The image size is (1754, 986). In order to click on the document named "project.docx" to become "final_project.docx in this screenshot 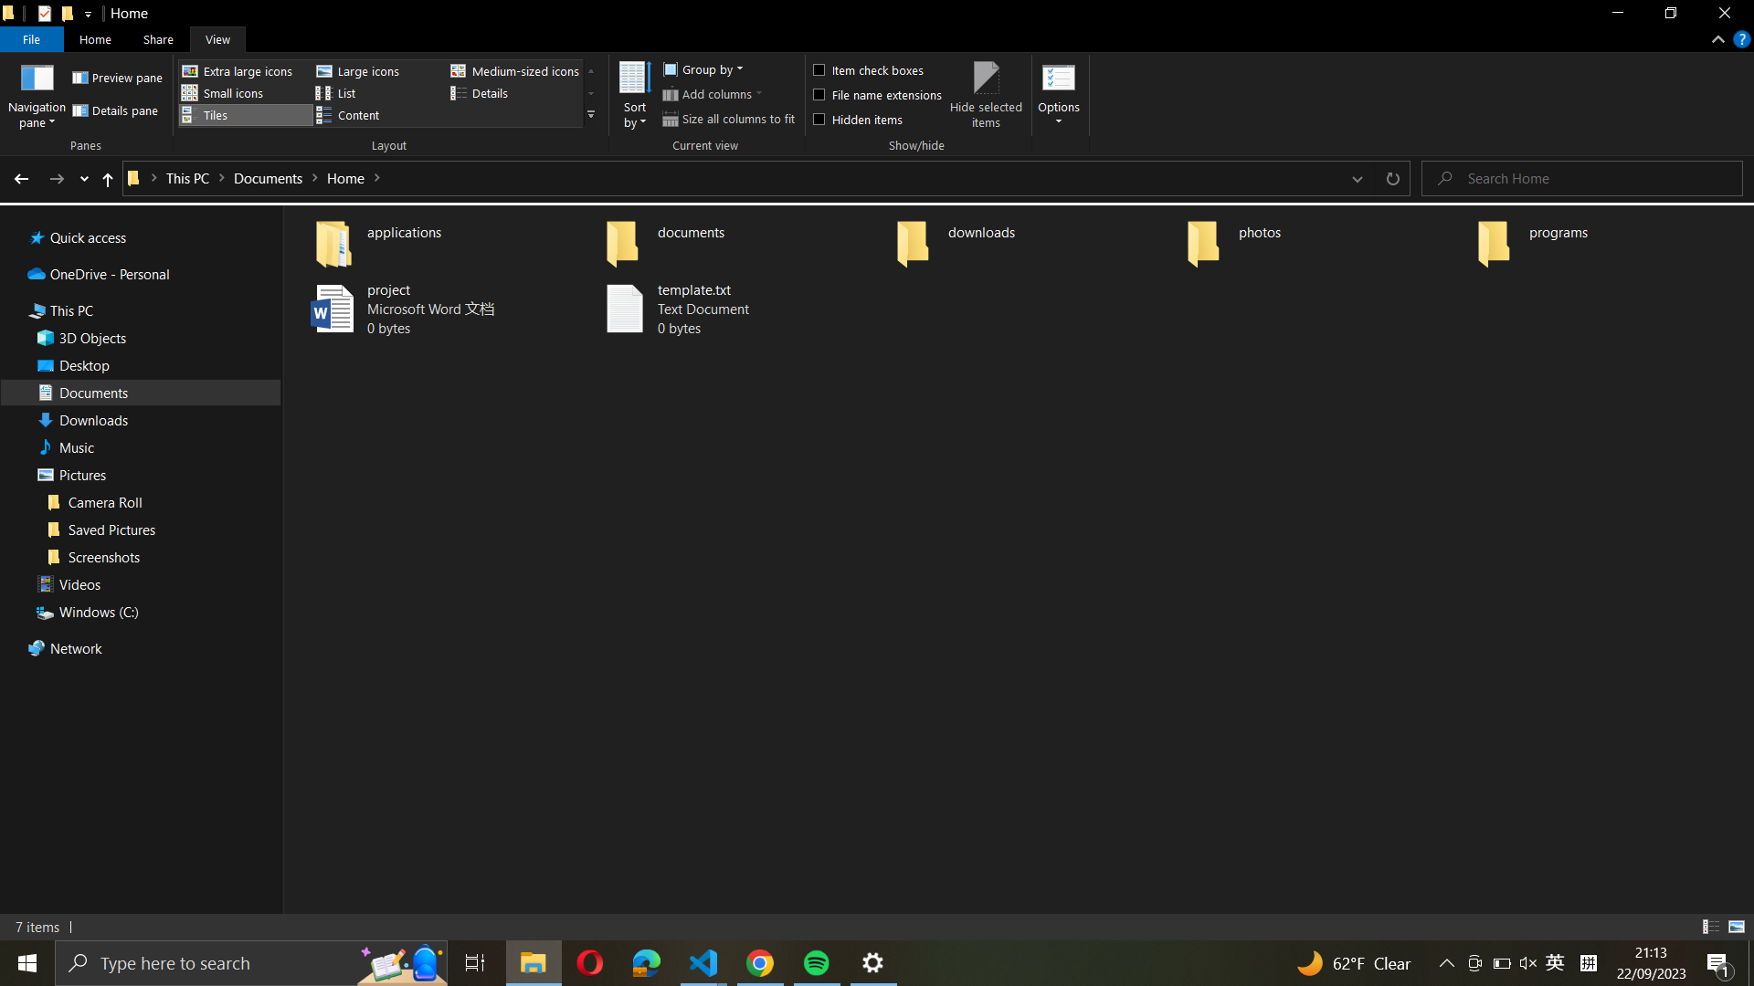, I will do `click(435, 309)`.